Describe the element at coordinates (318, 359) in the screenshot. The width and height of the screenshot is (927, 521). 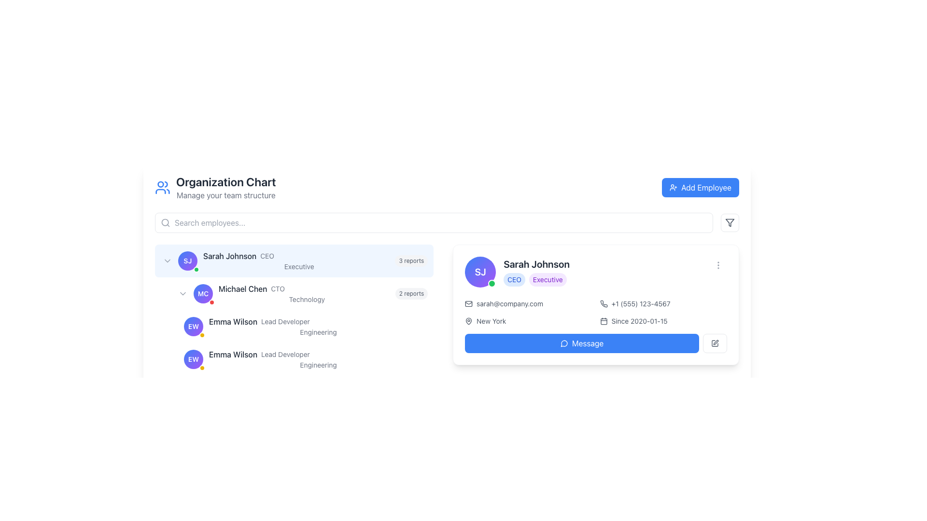
I see `the text label displaying 'Emma Wilson', which includes 'Lead Developer' and 'Engineering', located in the third position under the 'Michael Chen CTO' section` at that location.